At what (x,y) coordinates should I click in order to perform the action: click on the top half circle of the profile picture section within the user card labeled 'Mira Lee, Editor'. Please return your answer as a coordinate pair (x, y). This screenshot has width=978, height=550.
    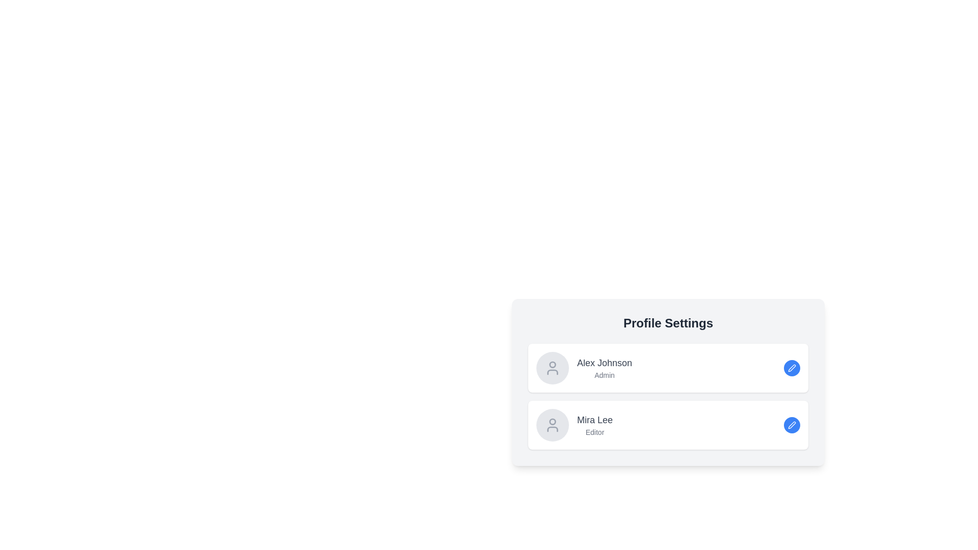
    Looking at the image, I should click on (552, 422).